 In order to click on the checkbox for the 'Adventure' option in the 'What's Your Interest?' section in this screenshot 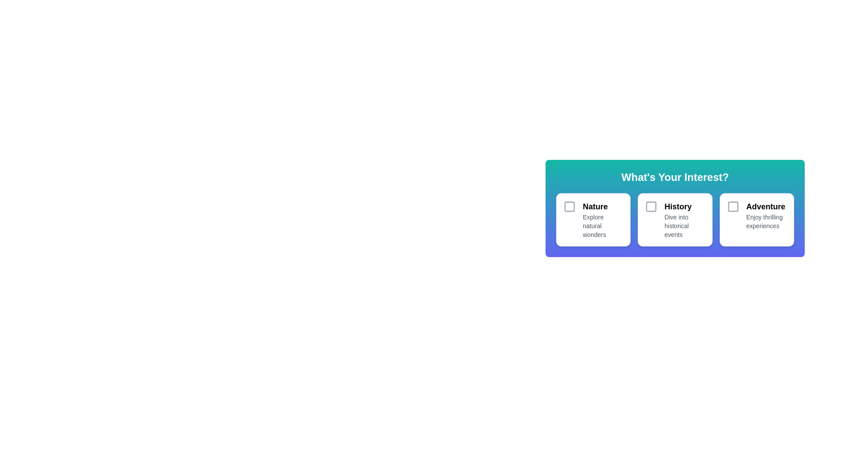, I will do `click(733, 206)`.